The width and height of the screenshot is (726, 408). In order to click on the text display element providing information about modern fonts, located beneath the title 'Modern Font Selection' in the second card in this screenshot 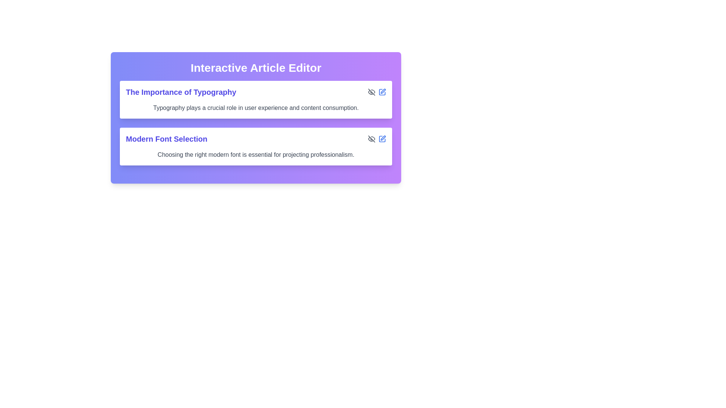, I will do `click(256, 154)`.